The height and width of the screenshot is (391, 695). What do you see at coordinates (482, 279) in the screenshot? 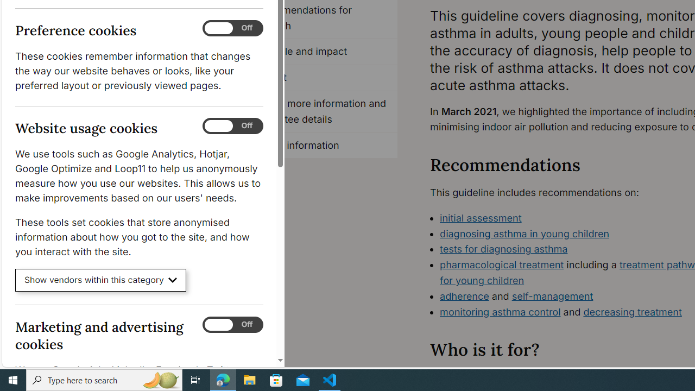
I see `'for young children'` at bounding box center [482, 279].